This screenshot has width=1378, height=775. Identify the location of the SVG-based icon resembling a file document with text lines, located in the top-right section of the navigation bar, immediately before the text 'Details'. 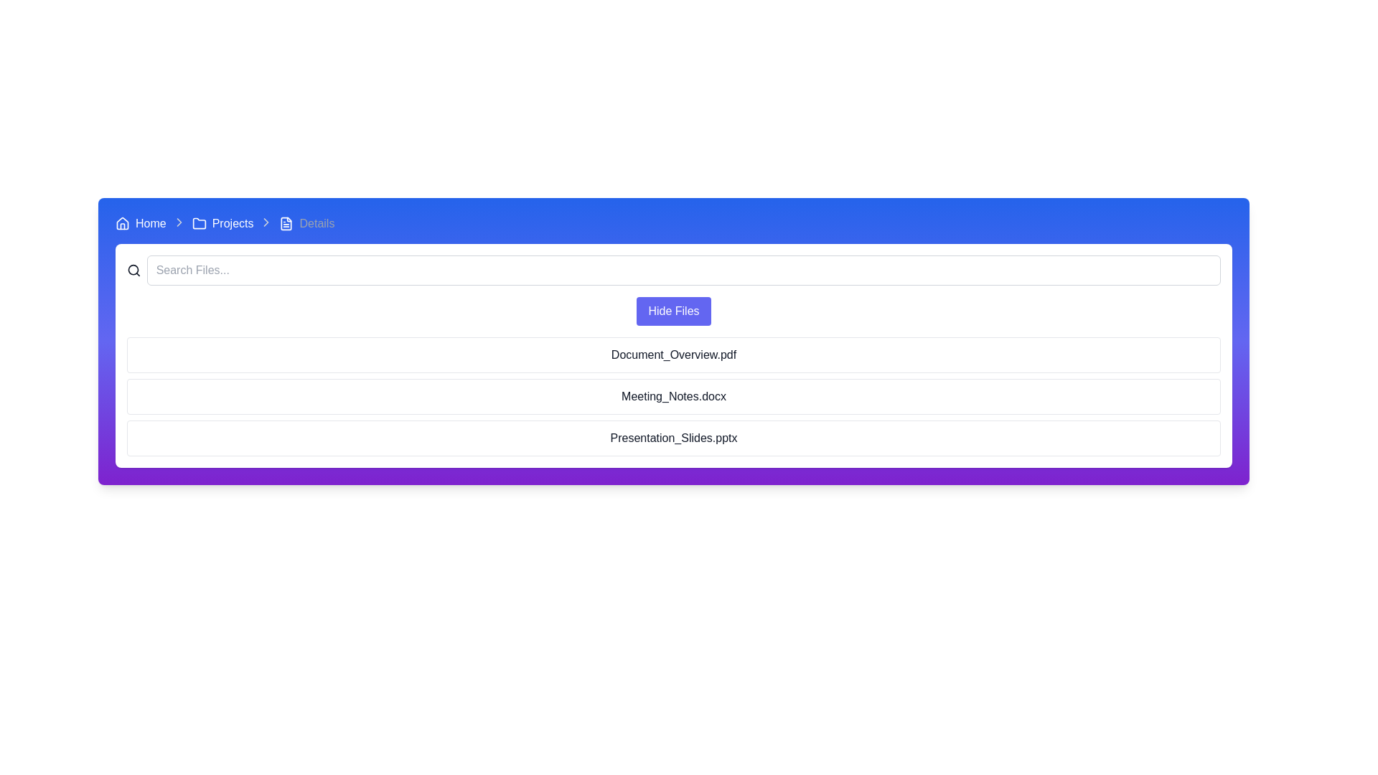
(286, 224).